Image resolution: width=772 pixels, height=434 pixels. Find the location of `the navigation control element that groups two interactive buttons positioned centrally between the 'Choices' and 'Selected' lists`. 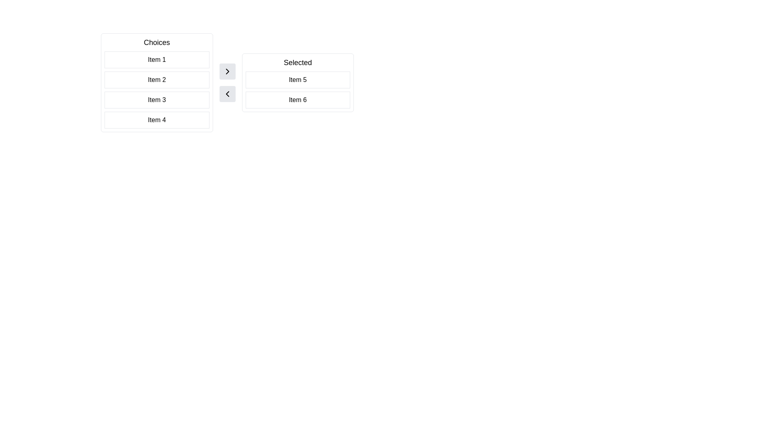

the navigation control element that groups two interactive buttons positioned centrally between the 'Choices' and 'Selected' lists is located at coordinates (227, 82).